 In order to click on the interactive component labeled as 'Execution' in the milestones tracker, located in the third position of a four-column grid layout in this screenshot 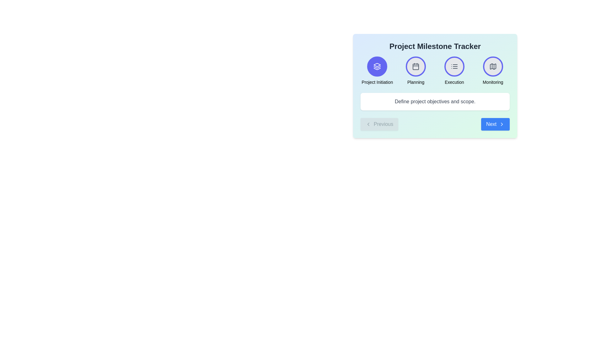, I will do `click(454, 71)`.